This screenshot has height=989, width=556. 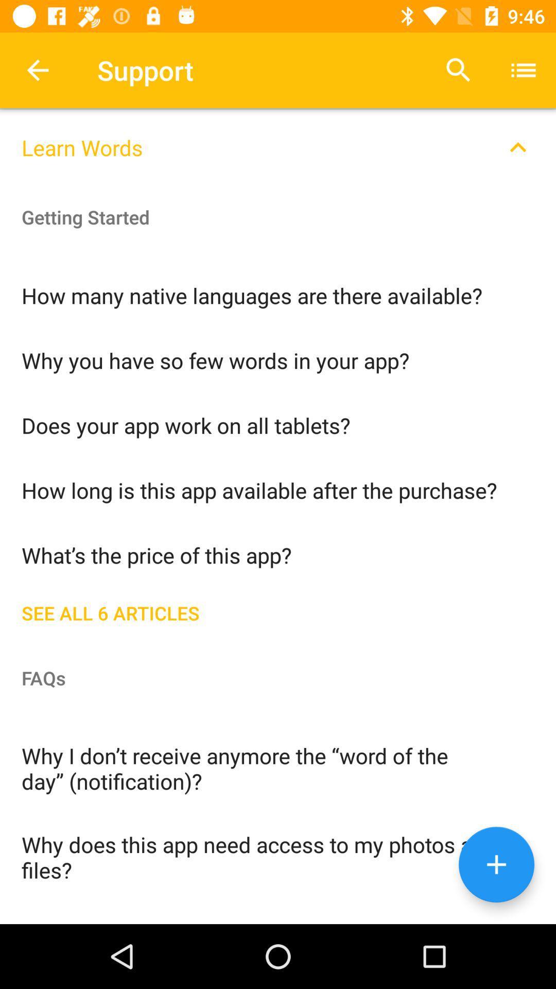 What do you see at coordinates (278, 611) in the screenshot?
I see `the see all 6 icon` at bounding box center [278, 611].